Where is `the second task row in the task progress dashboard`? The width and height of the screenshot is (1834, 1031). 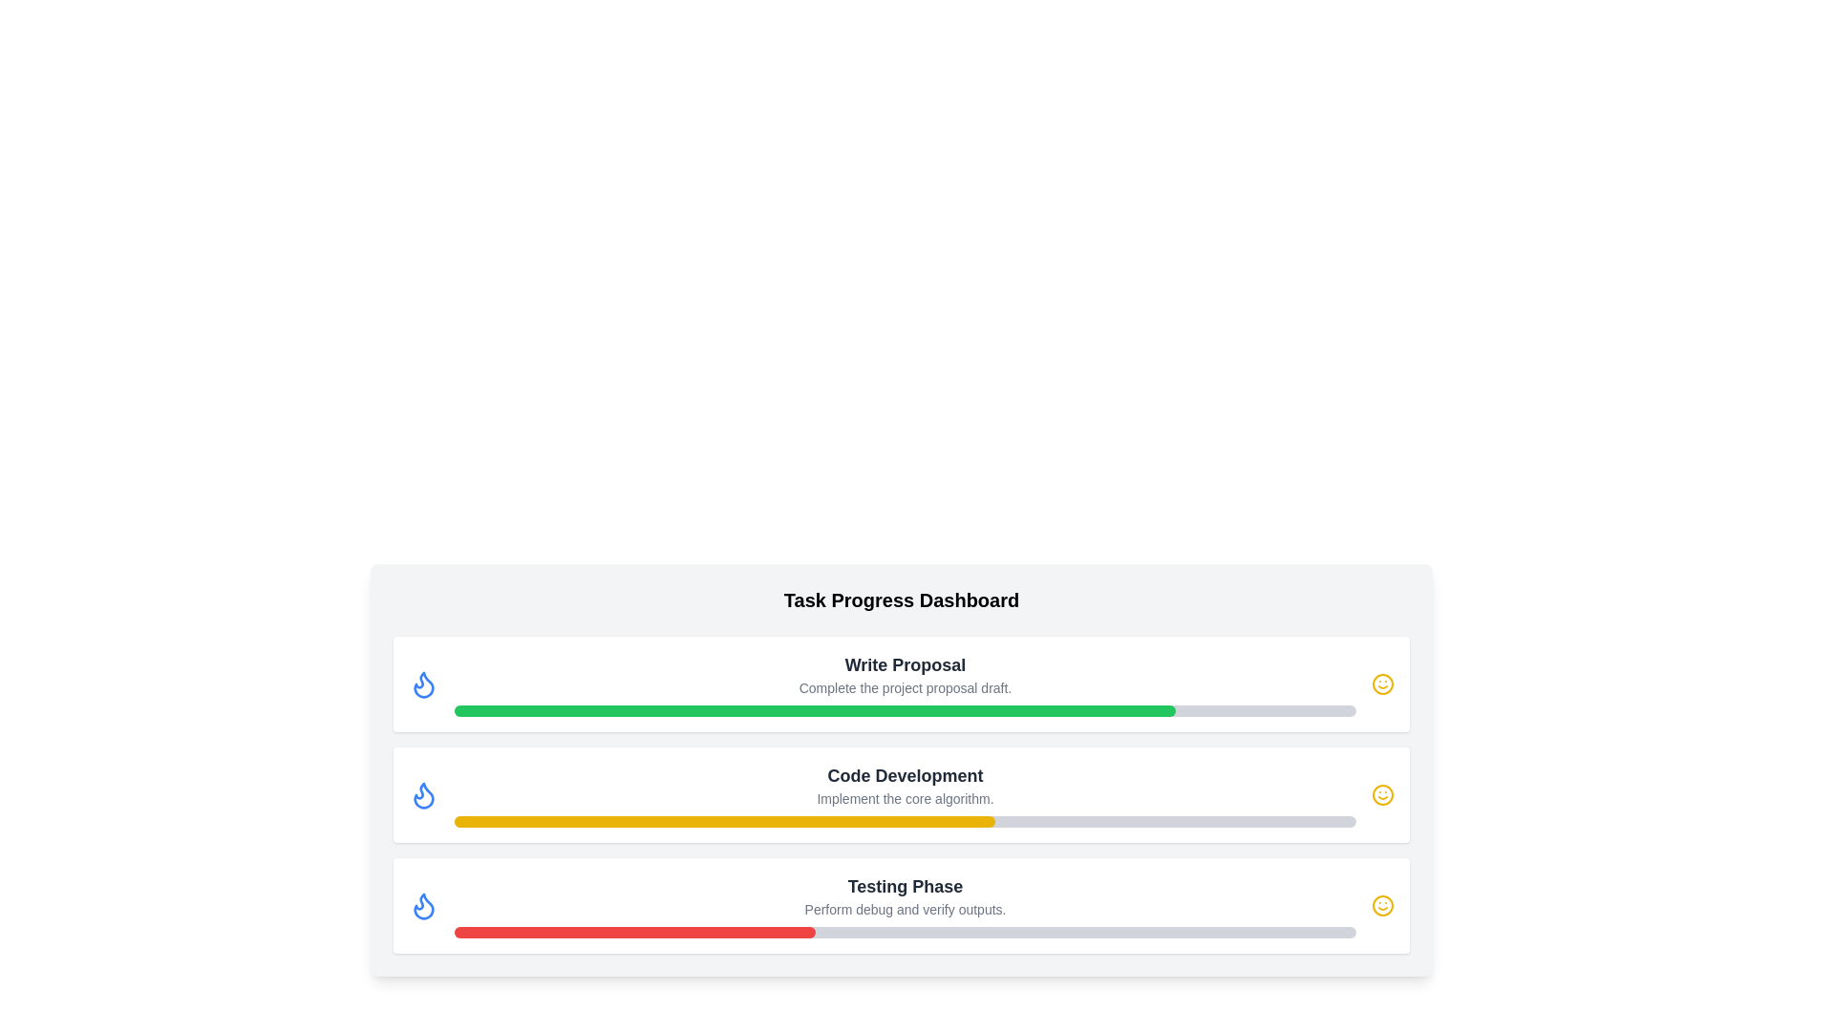 the second task row in the task progress dashboard is located at coordinates (905, 795).